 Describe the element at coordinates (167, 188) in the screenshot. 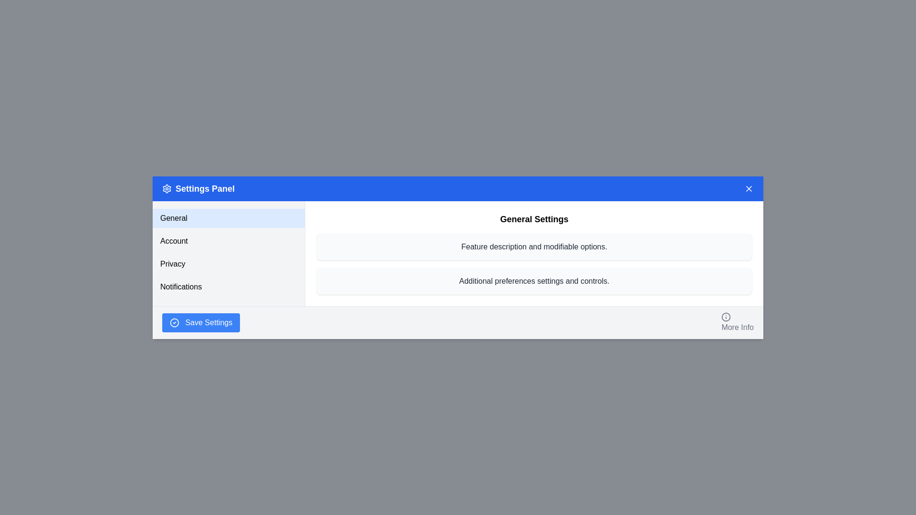

I see `the gear-shaped settings icon located in the top left corner of the interface, adjacent to the 'Settings Panel' text` at that location.